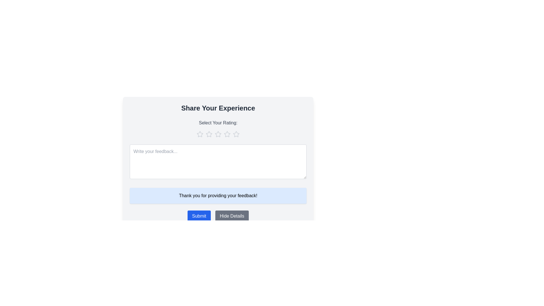 Image resolution: width=544 pixels, height=306 pixels. What do you see at coordinates (236, 134) in the screenshot?
I see `the fifth star icon in the rating selection interface` at bounding box center [236, 134].